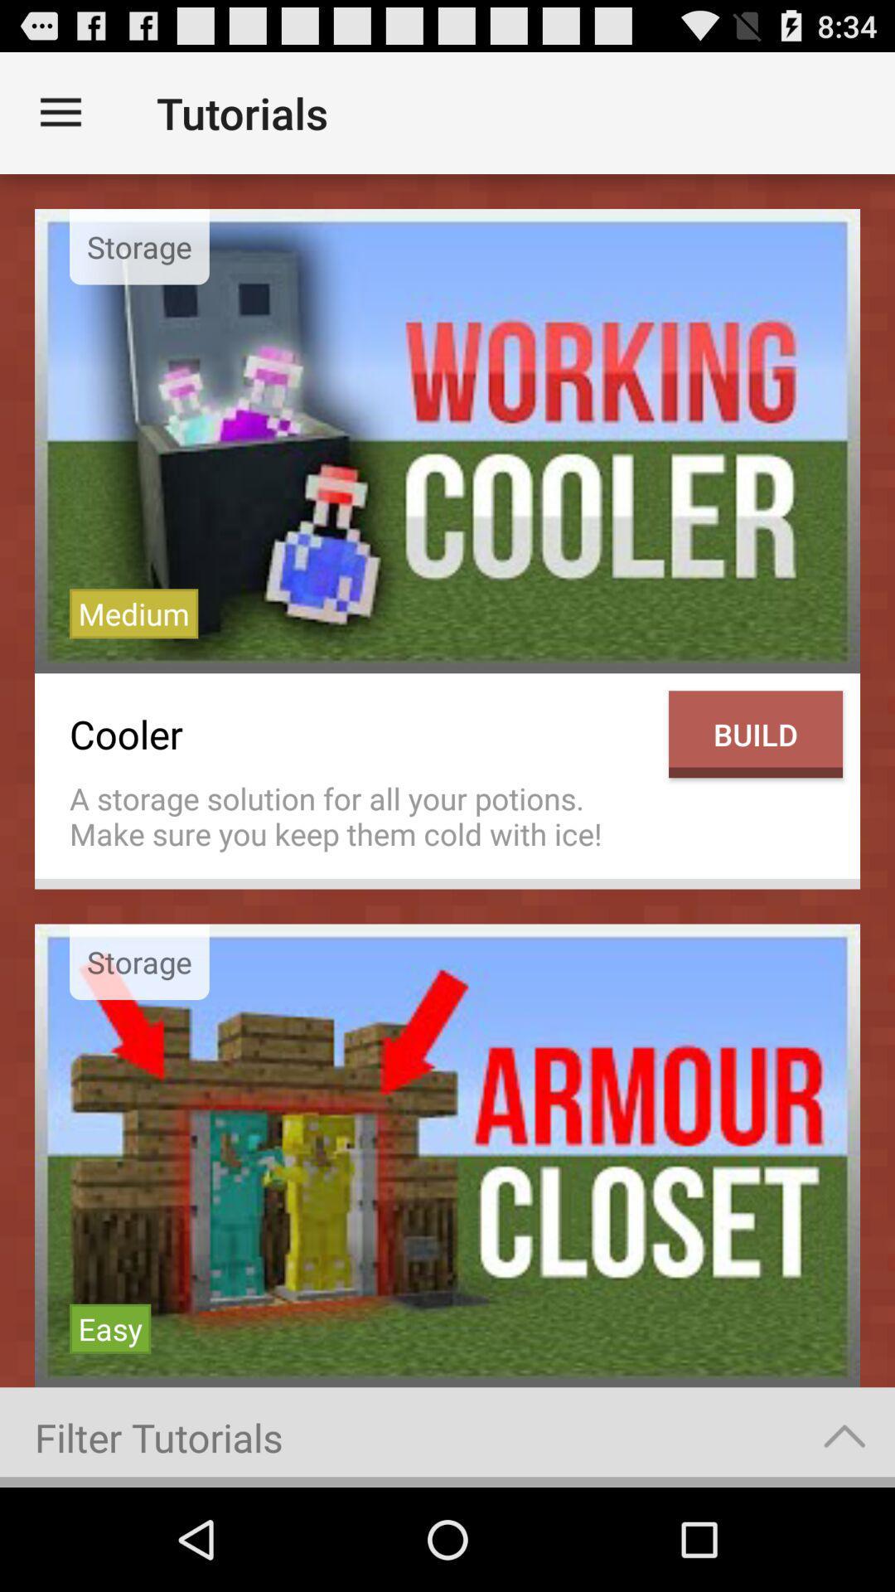  I want to click on the medium, so click(133, 613).